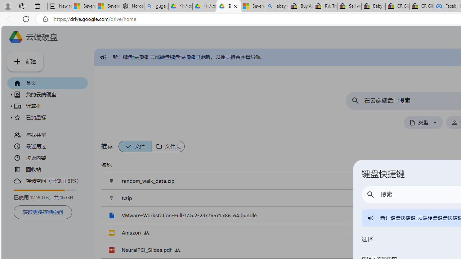 The width and height of the screenshot is (461, 259). I want to click on 'Buy Auto Parts & Accessories | eBay', so click(301, 6).